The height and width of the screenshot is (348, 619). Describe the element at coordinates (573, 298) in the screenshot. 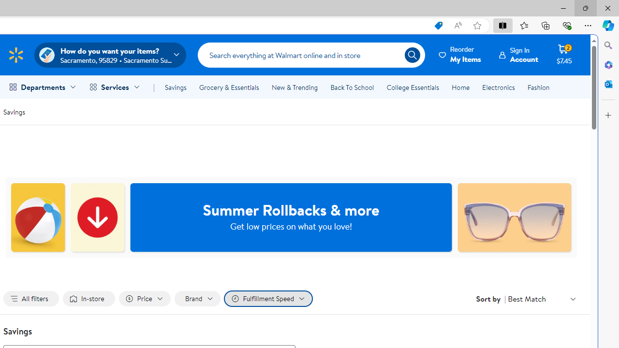

I see `'Class: ld ld-ChevronDown pa0 ml6'` at that location.